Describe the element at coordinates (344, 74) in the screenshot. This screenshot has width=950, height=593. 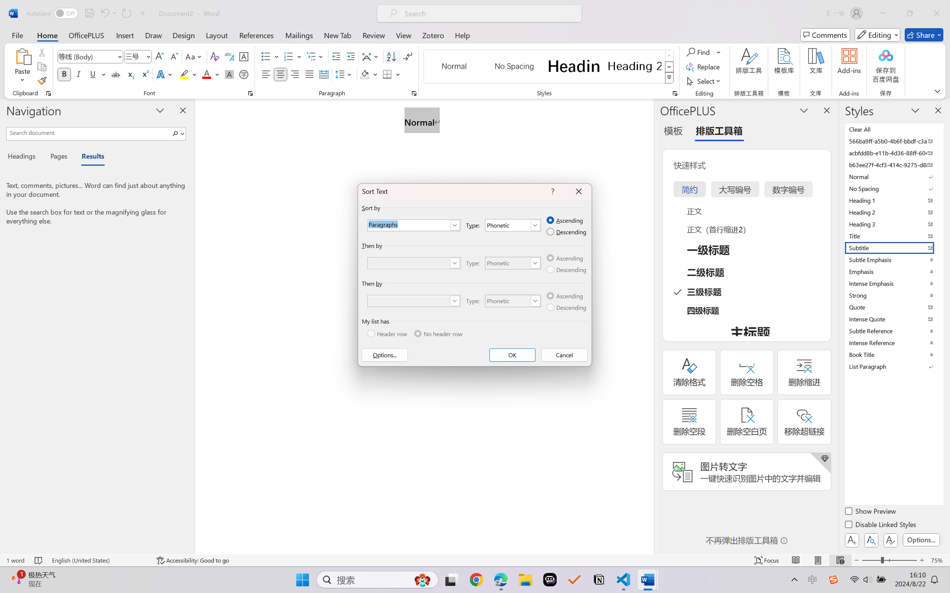
I see `'Line and Paragraph Spacing'` at that location.